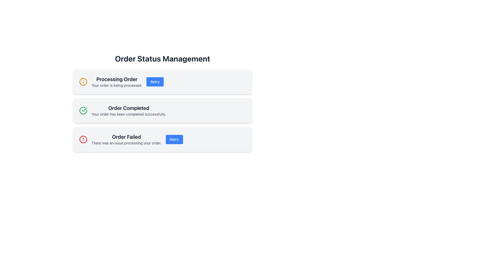 The image size is (495, 278). Describe the element at coordinates (129, 110) in the screenshot. I see `textual notification element that displays the title 'Order Completed' and the description 'Your order has been completed successfully.'` at that location.